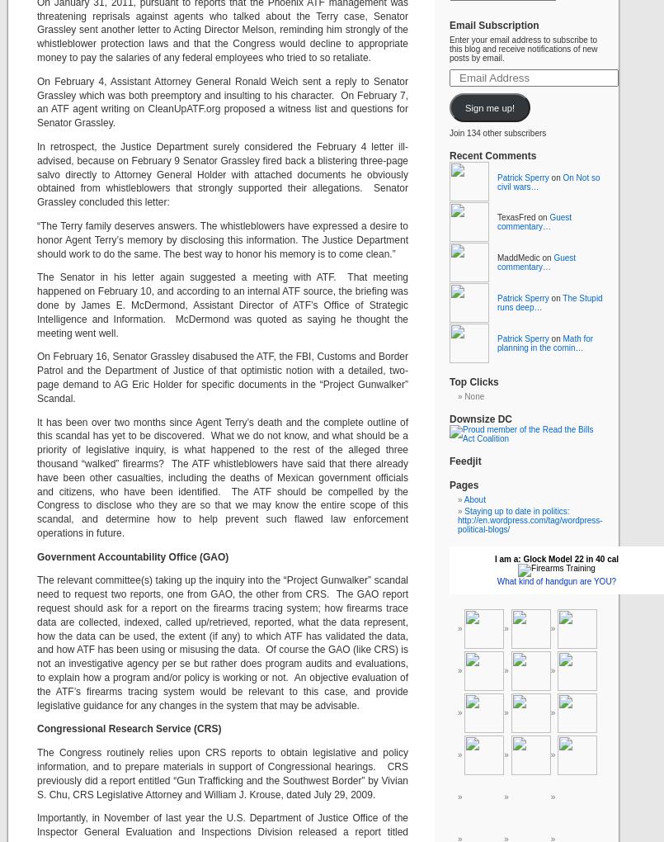  I want to click on 'Enter your email address to subscribe to this blog and receive notifications of new posts by email.', so click(522, 49).